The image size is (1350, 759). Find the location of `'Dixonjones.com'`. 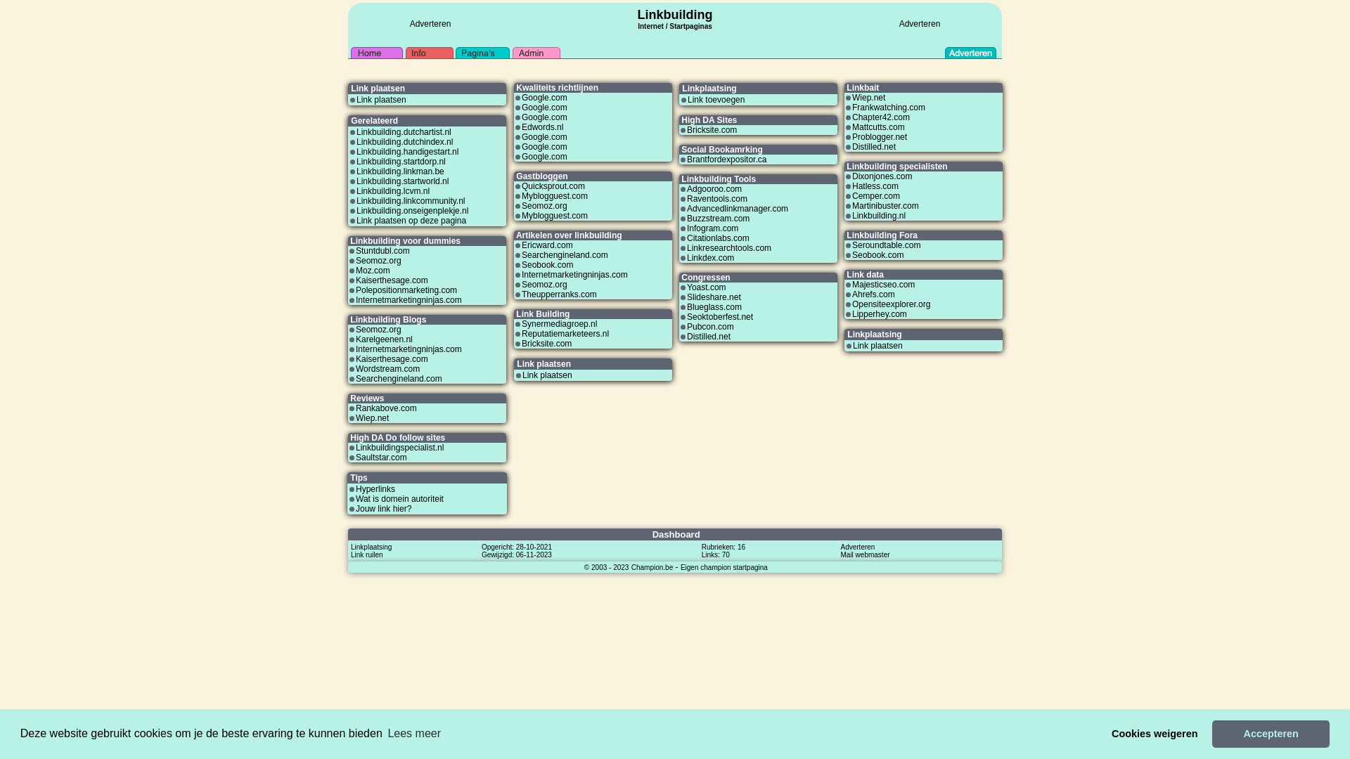

'Dixonjones.com' is located at coordinates (851, 175).